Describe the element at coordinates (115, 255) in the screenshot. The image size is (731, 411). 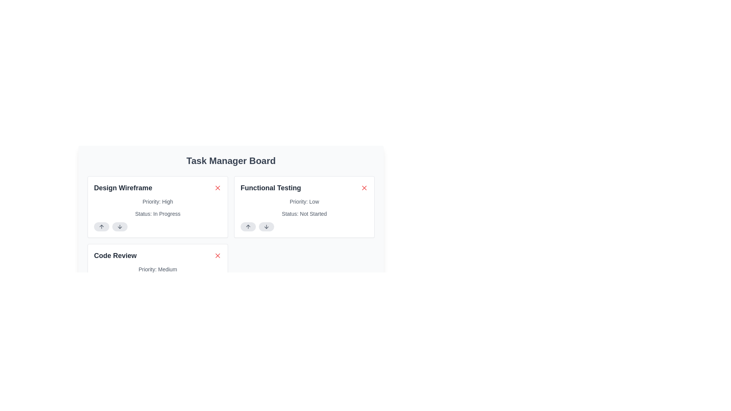
I see `the static text label displaying 'Code Review' in bold dark gray font, positioned above the 'Priority: Medium' label in the Task Manager Board section` at that location.